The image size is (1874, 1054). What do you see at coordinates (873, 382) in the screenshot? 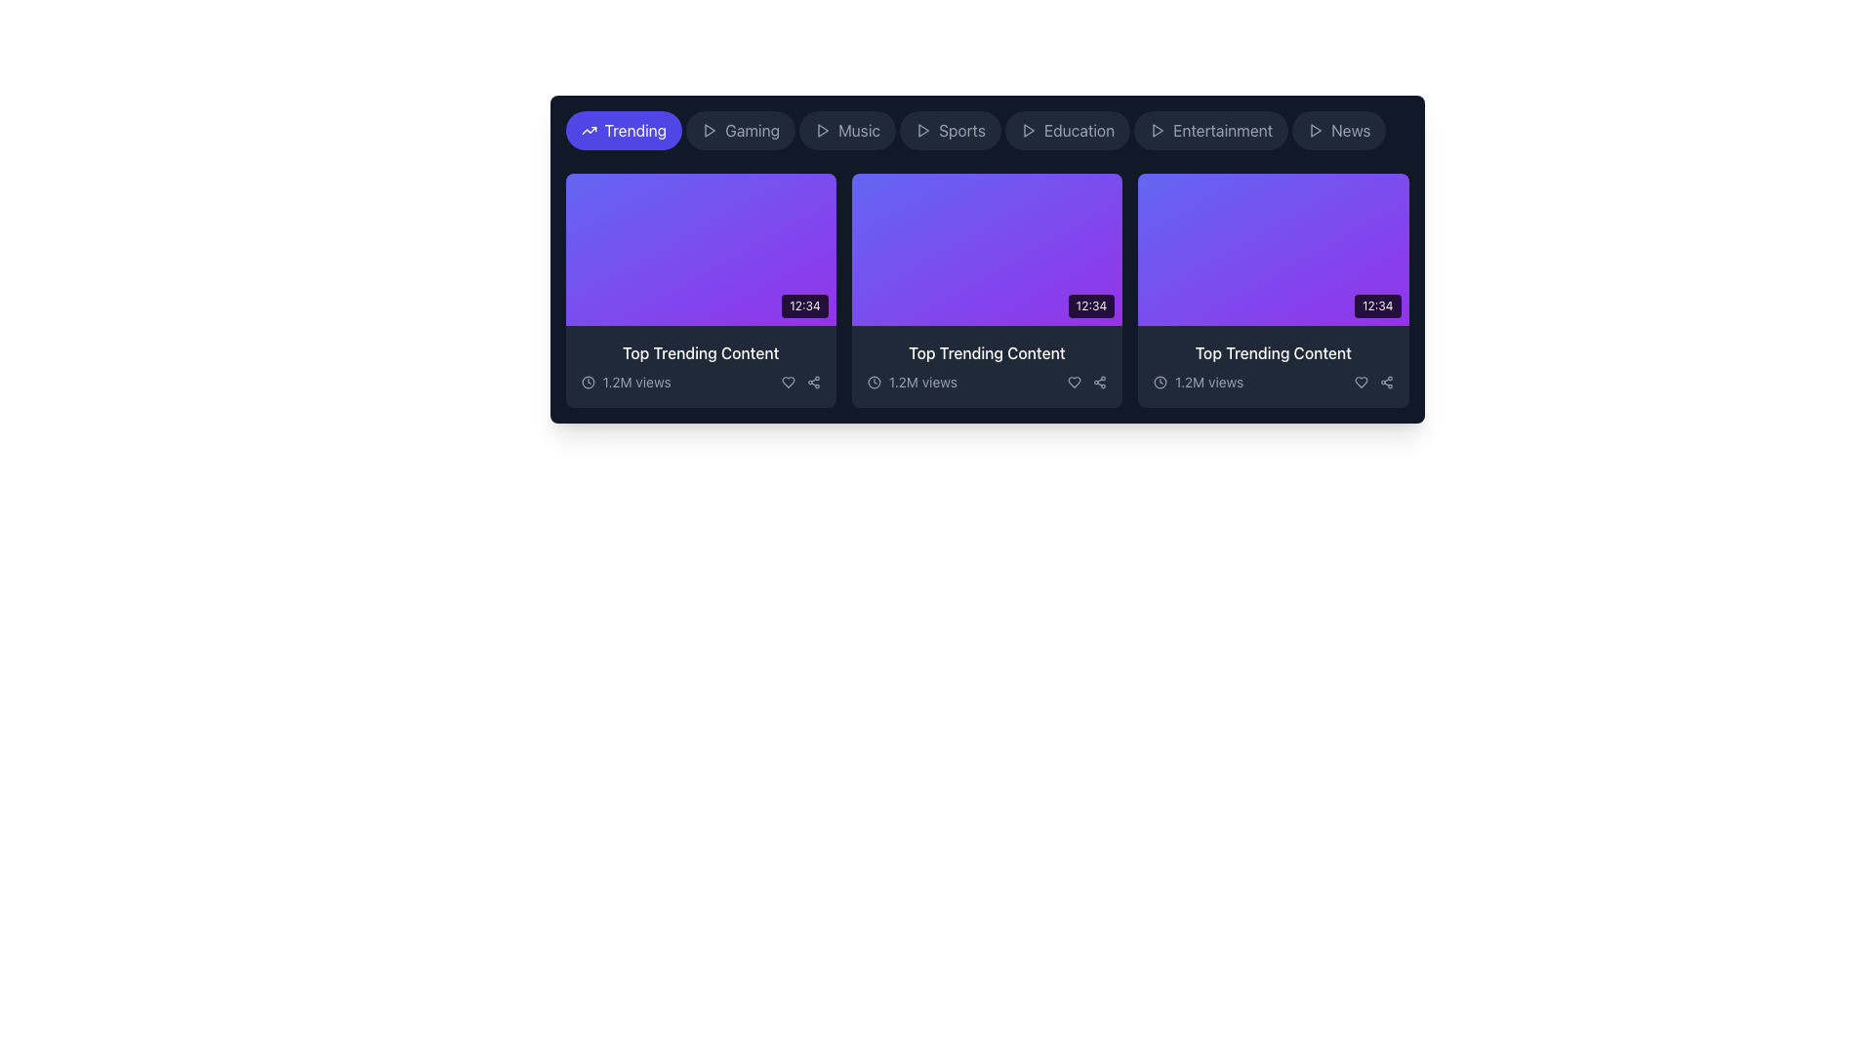
I see `the small clock icon, which features a round clock face with two hands pointing to 12 and 4, located next to the text '1.2M views' below the thumbnail of the second card in the trending content layout` at bounding box center [873, 382].